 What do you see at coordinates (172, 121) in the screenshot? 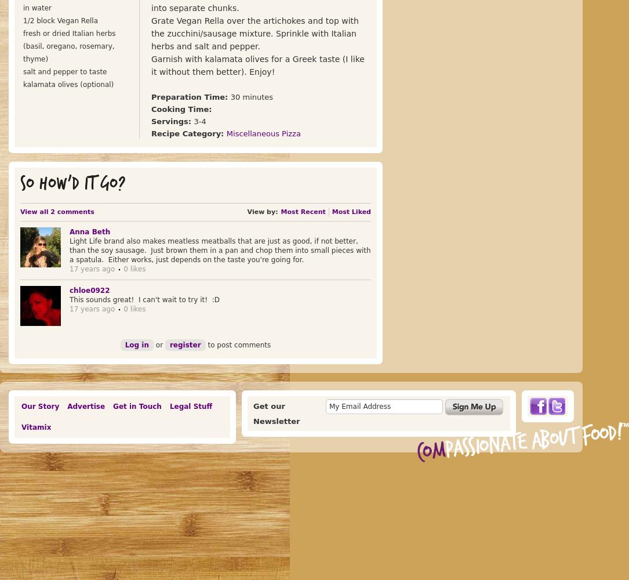
I see `'Servings:'` at bounding box center [172, 121].